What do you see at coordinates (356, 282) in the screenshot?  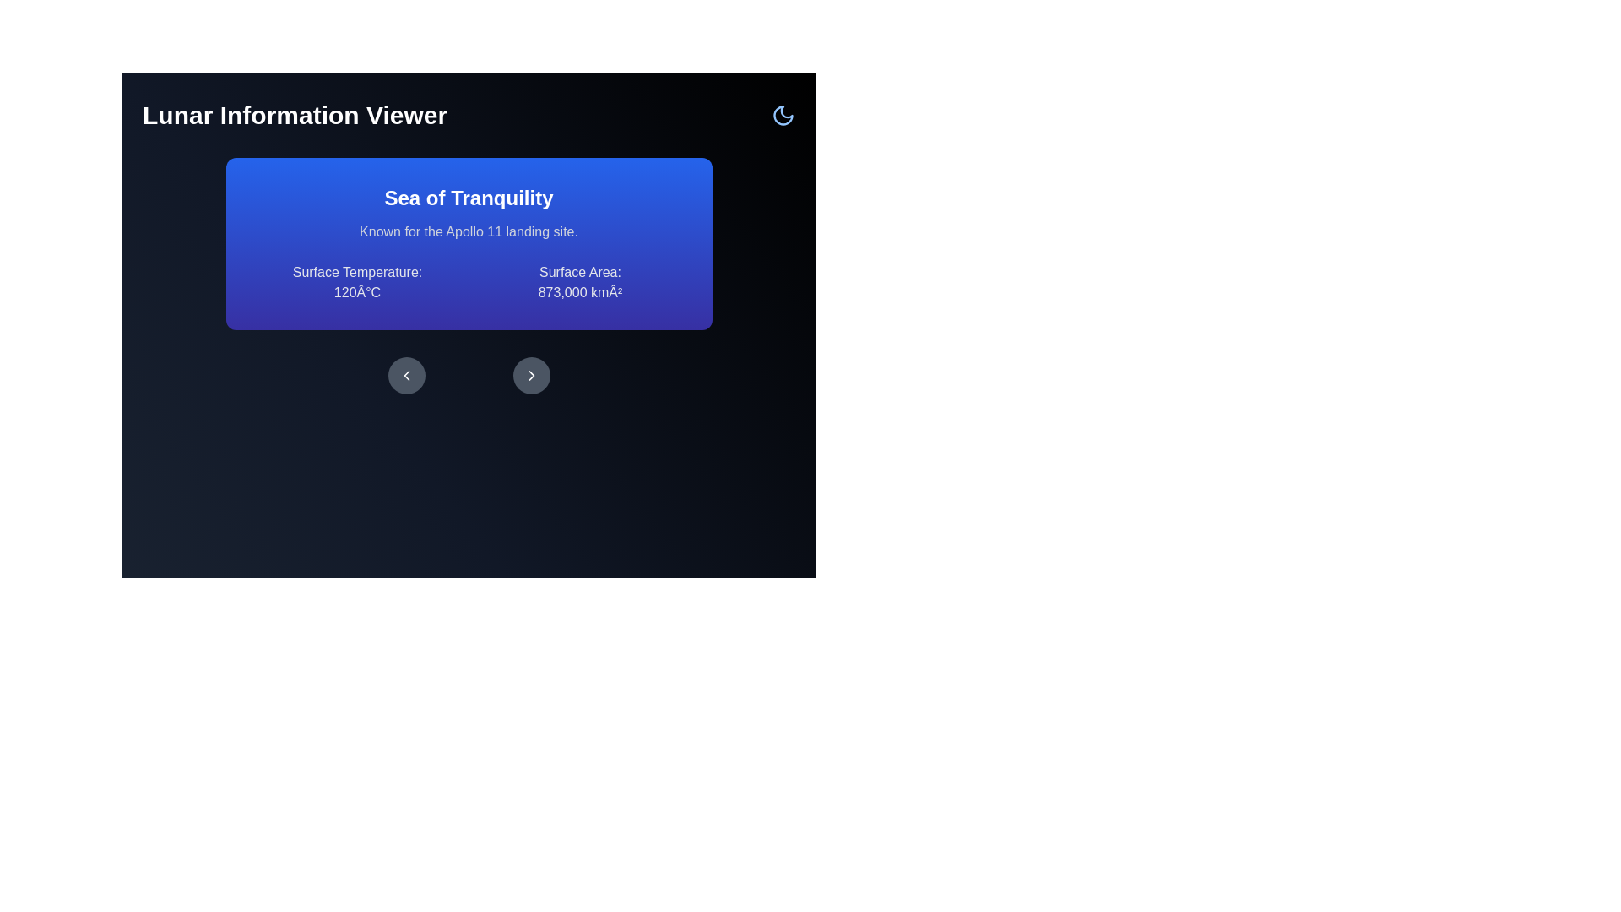 I see `surface temperature value text element located in the left portion of a two-column grid layout on a blue card` at bounding box center [356, 282].